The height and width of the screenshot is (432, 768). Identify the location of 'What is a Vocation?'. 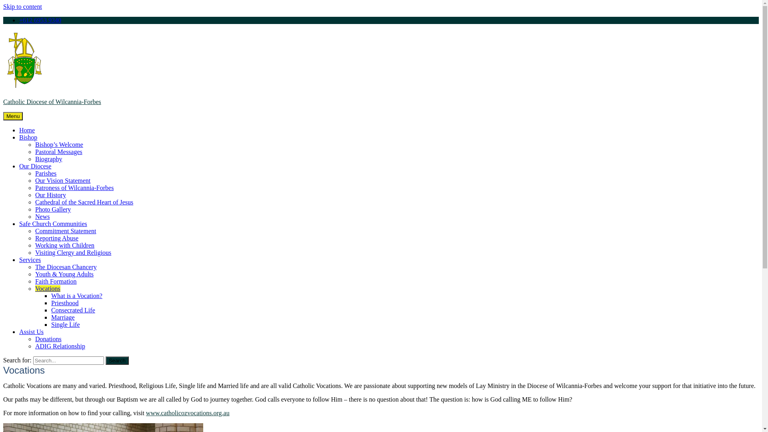
(77, 296).